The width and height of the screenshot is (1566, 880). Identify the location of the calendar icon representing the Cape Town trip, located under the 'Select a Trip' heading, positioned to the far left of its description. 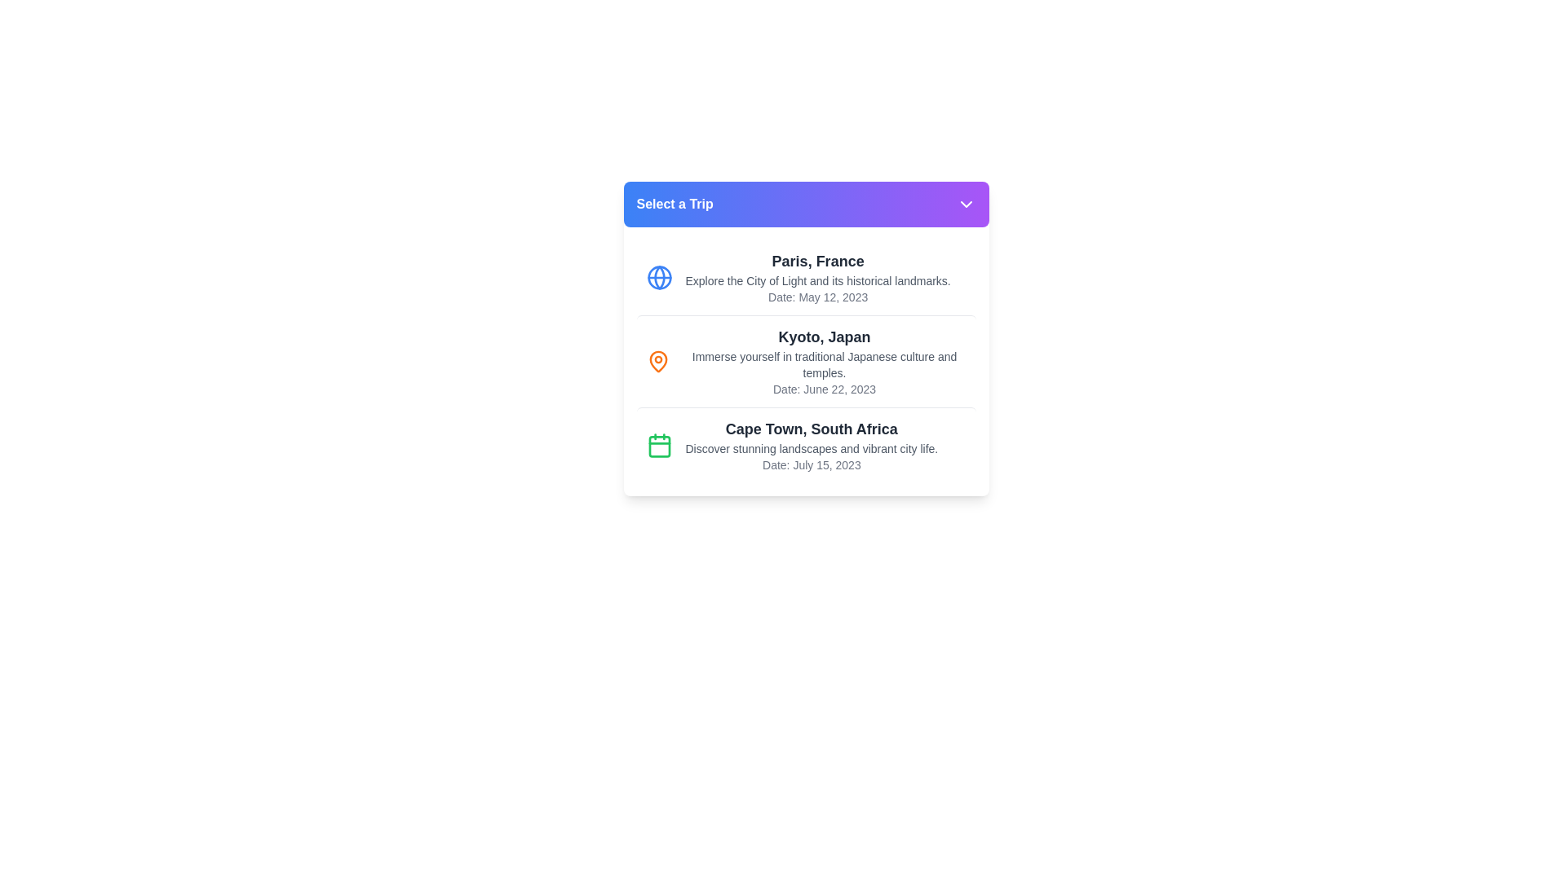
(659, 446).